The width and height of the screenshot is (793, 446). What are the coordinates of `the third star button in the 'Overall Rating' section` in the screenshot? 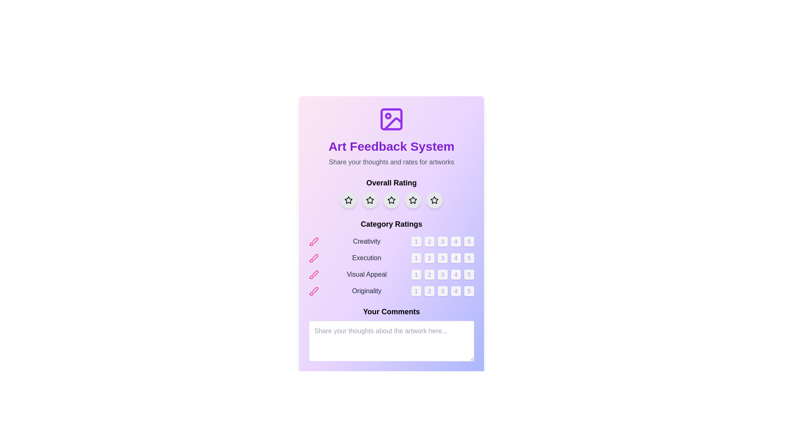 It's located at (391, 200).